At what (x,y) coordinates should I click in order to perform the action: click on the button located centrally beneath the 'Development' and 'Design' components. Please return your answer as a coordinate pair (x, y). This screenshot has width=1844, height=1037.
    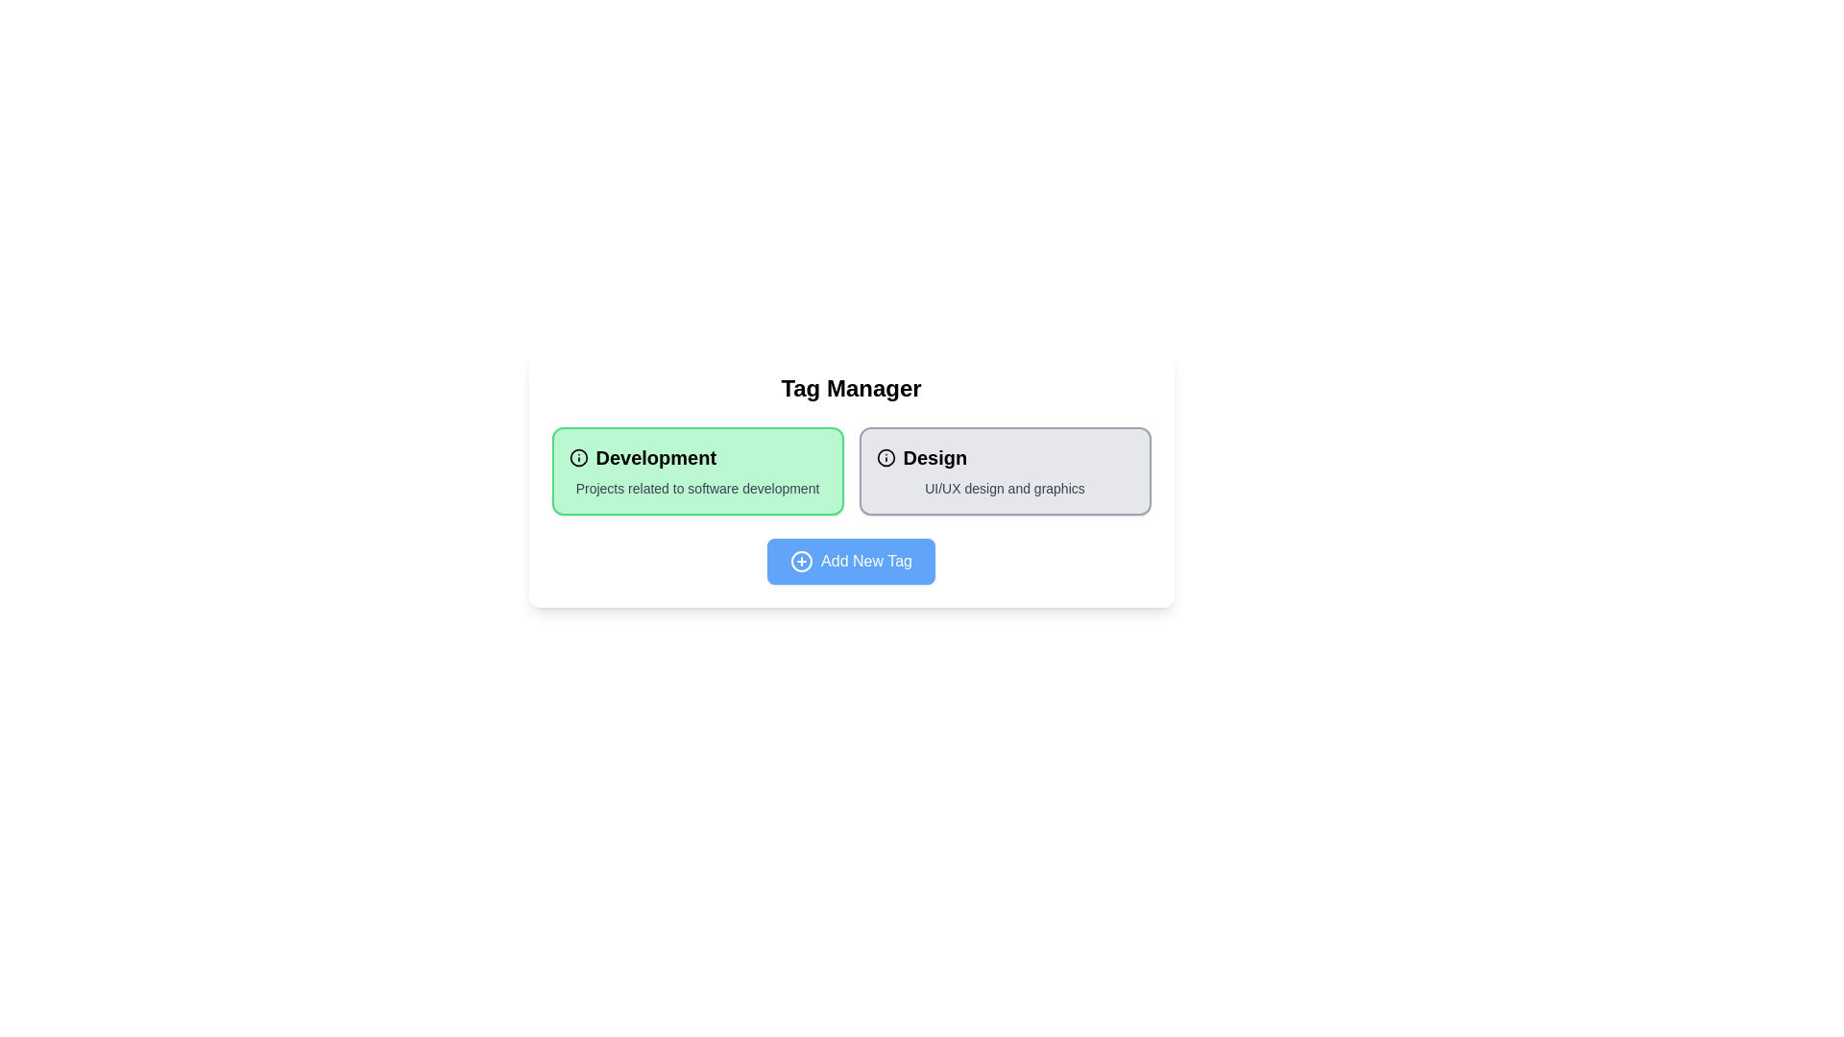
    Looking at the image, I should click on (850, 562).